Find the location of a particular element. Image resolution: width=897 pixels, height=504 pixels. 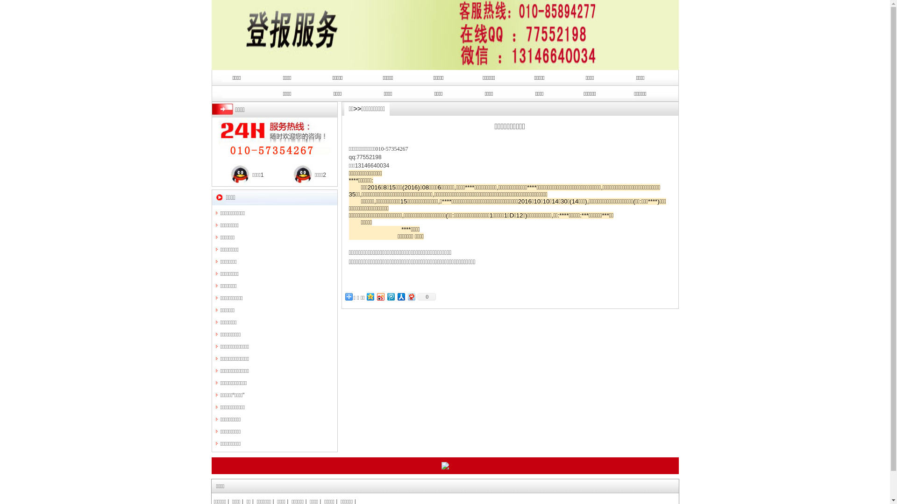

'0' is located at coordinates (426, 297).